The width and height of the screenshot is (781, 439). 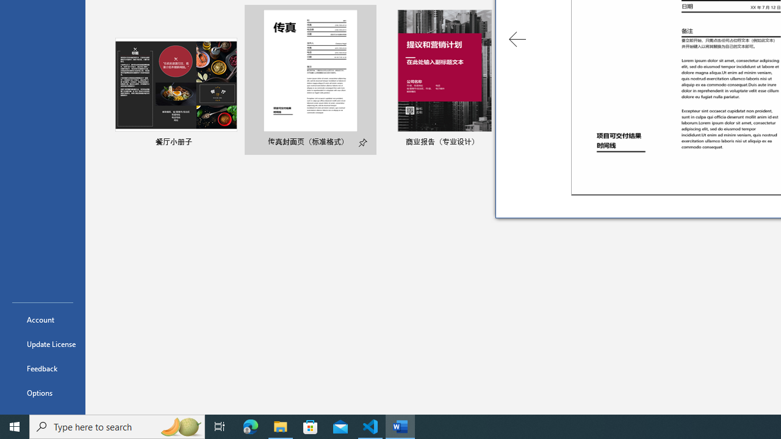 I want to click on 'Word - 1 running window', so click(x=400, y=426).